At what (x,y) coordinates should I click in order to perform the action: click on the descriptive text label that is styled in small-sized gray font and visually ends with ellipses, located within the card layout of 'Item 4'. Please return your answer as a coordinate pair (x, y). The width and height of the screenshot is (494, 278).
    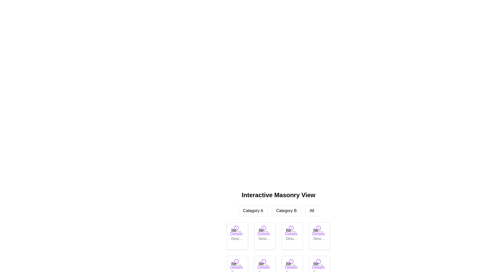
    Looking at the image, I should click on (319, 238).